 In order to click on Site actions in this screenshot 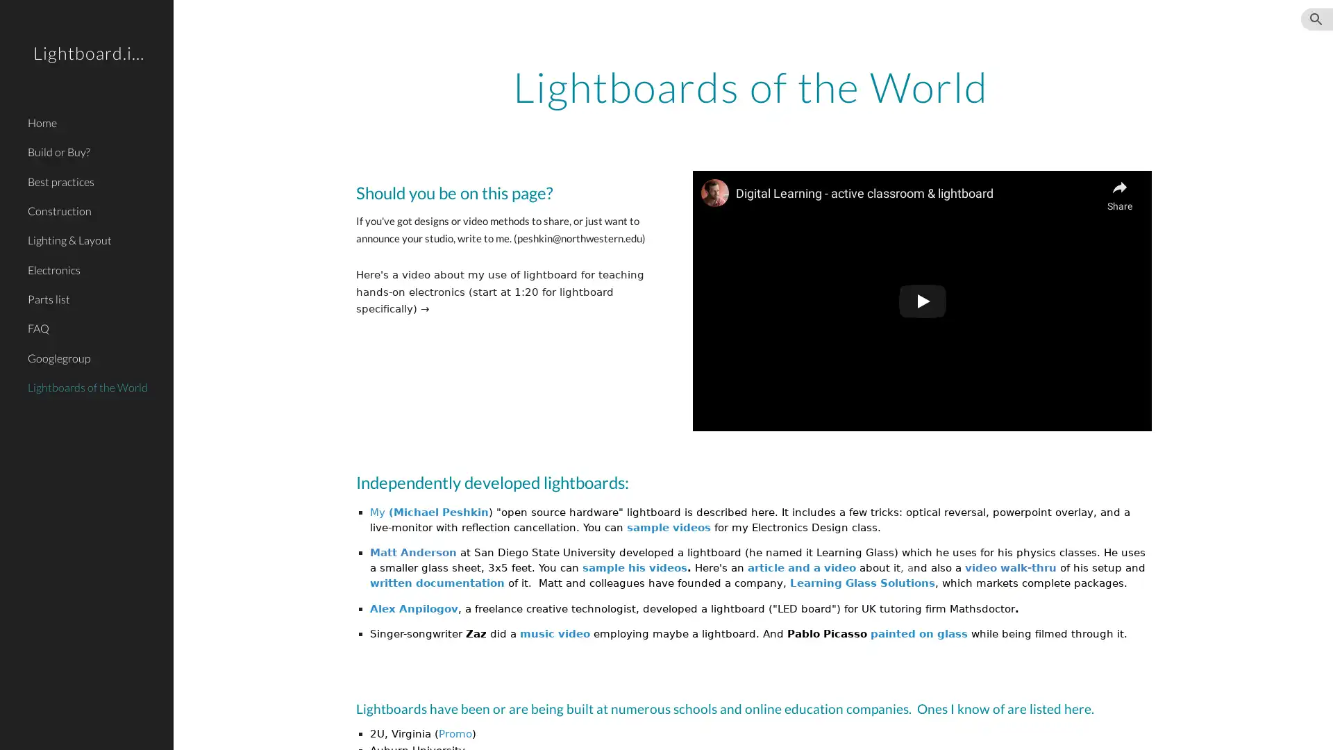, I will do `click(198, 725)`.